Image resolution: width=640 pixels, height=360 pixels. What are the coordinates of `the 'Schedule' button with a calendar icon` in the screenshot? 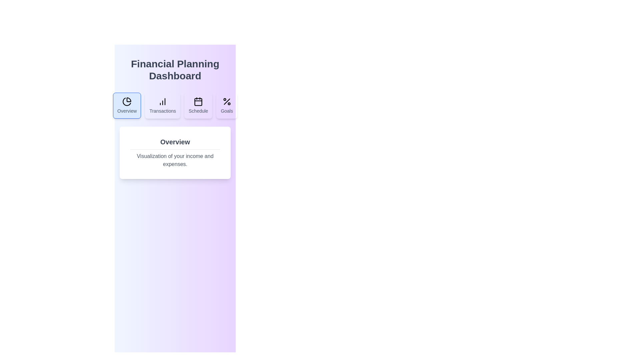 It's located at (198, 105).